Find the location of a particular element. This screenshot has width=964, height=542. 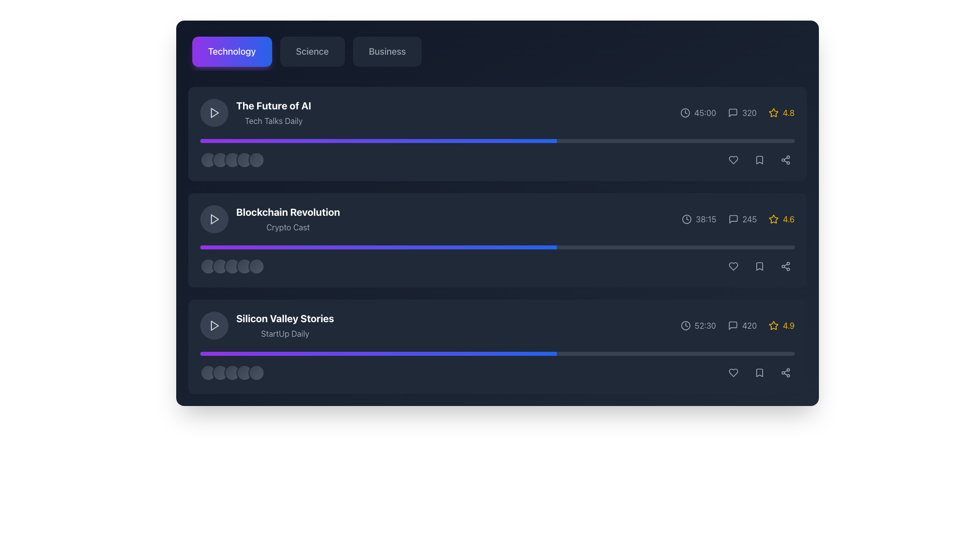

the second circular indicator in the group positioned below the text 'The Future of AI' and the purple progress bar is located at coordinates (219, 160).